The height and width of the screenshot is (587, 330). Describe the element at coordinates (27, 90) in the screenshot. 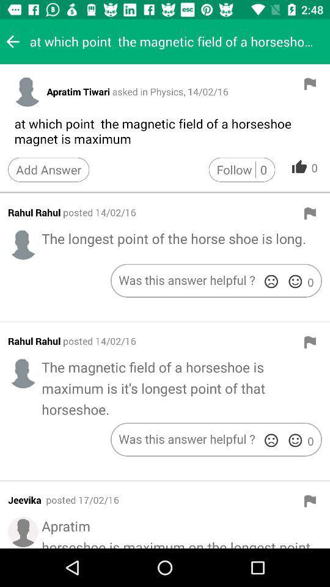

I see `profile picture button` at that location.